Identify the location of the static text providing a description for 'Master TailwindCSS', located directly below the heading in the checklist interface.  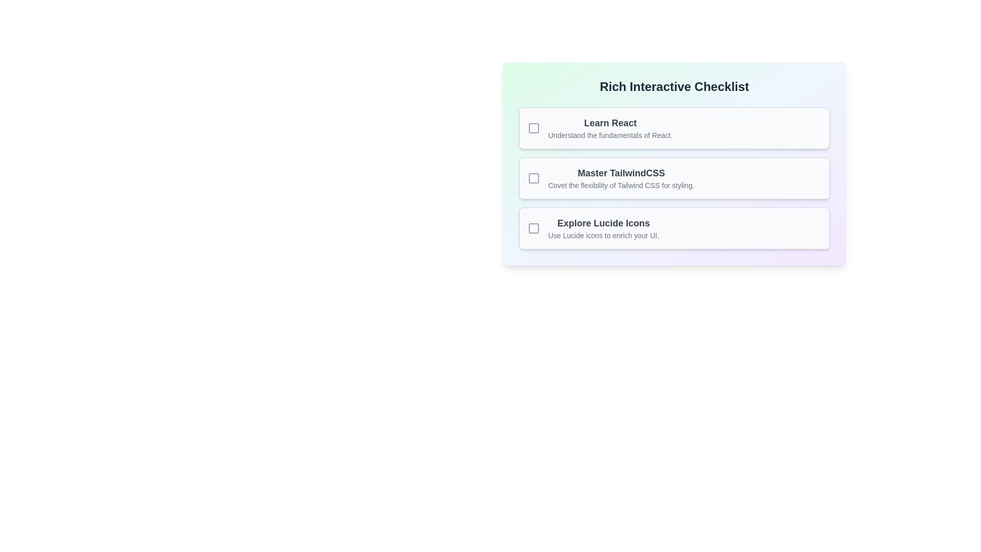
(621, 185).